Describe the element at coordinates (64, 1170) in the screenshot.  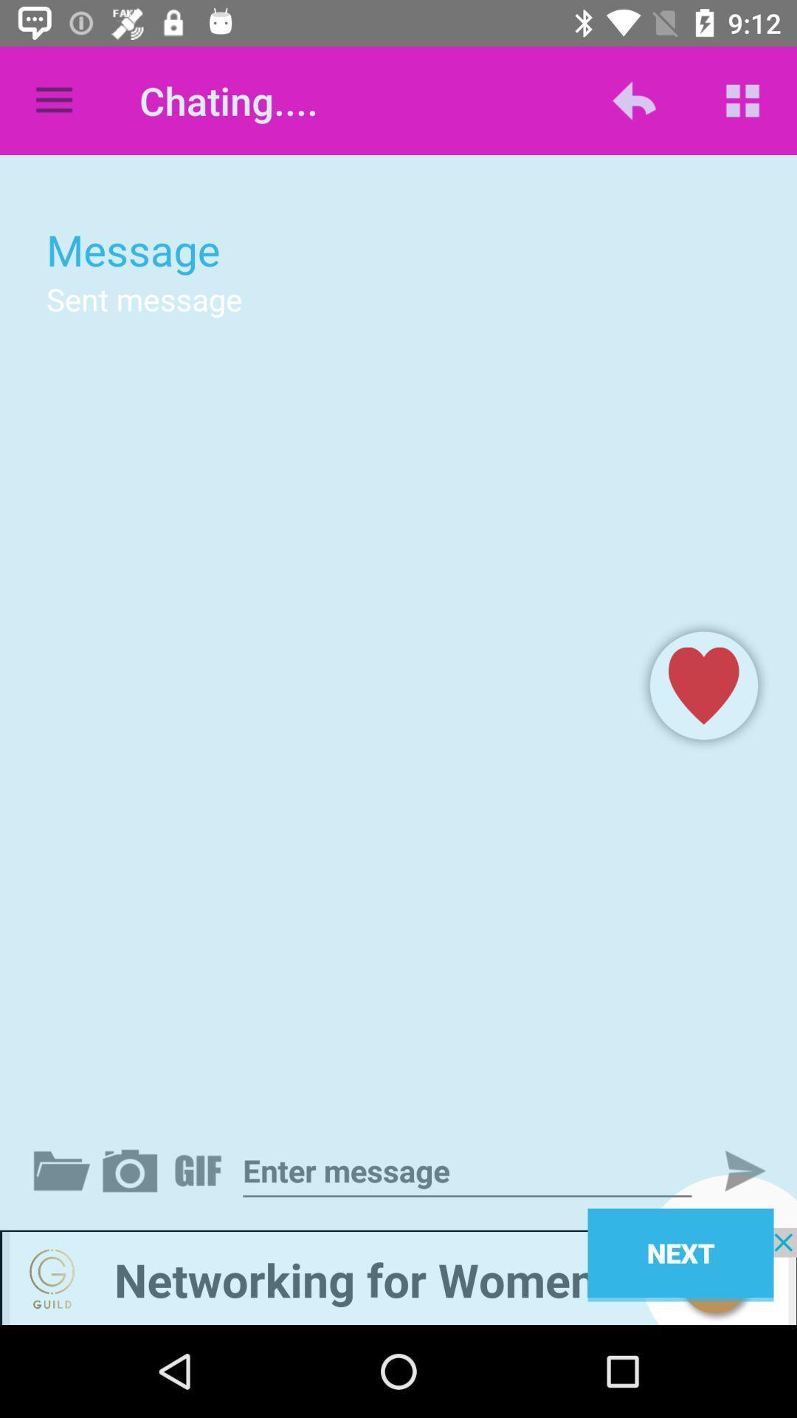
I see `files icon` at that location.